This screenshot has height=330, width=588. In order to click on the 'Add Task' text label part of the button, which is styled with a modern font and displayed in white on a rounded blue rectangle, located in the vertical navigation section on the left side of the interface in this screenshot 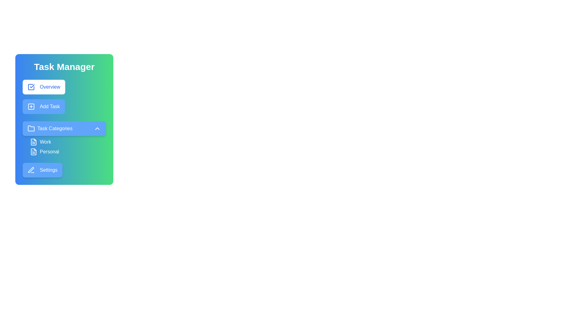, I will do `click(50, 106)`.